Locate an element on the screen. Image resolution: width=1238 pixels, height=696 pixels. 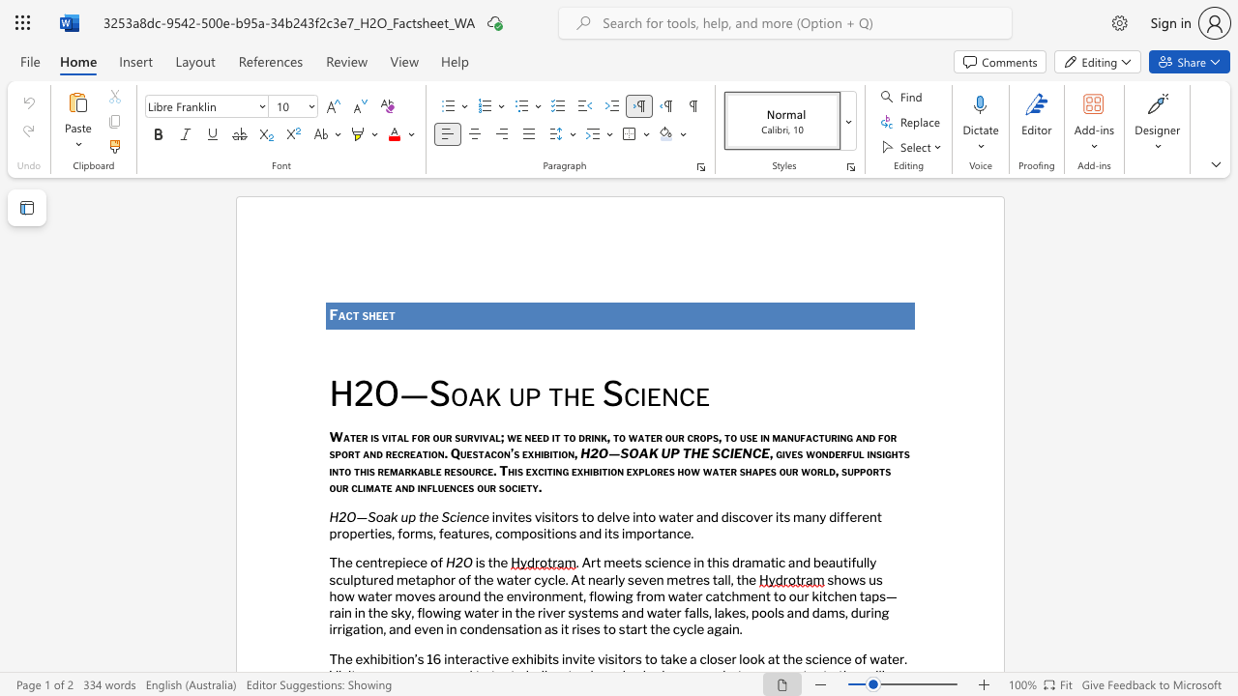
the space between the continuous character "o" and "n" in the text is located at coordinates (561, 533).